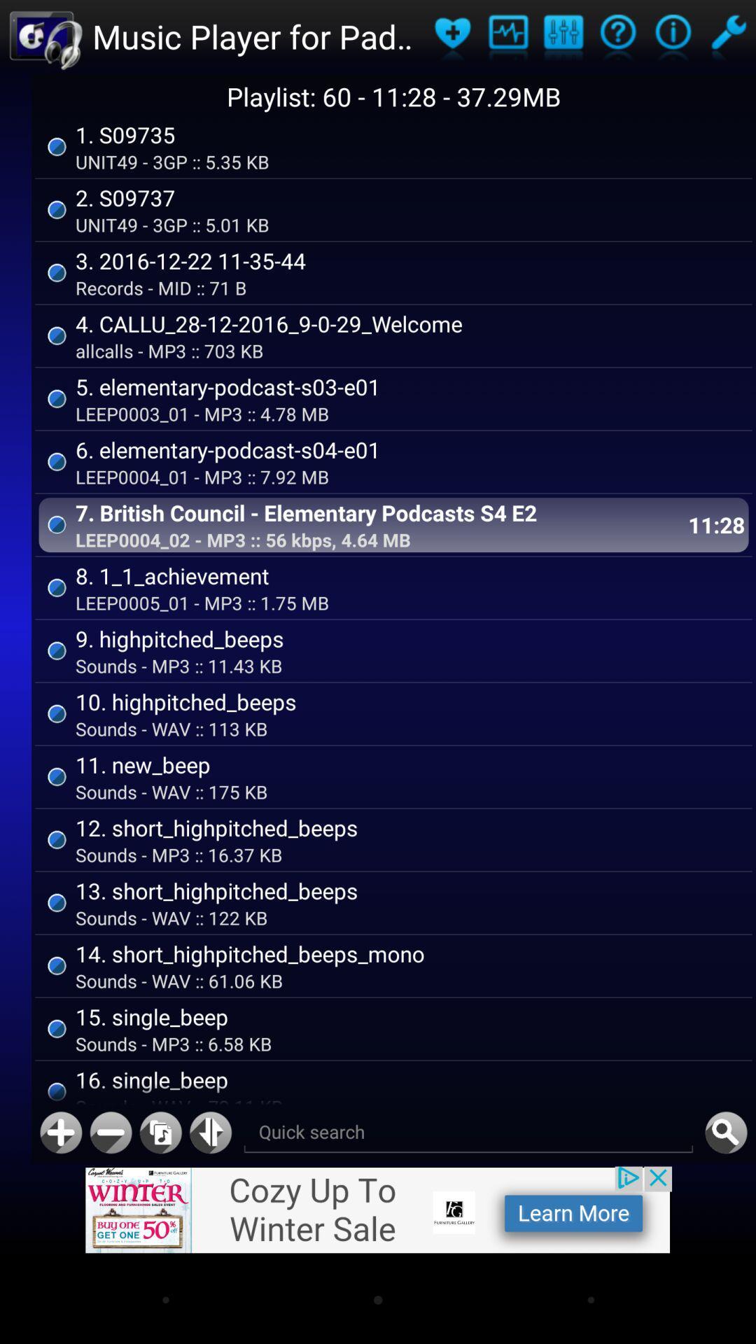 Image resolution: width=756 pixels, height=1344 pixels. I want to click on playlist entry, so click(617, 36).